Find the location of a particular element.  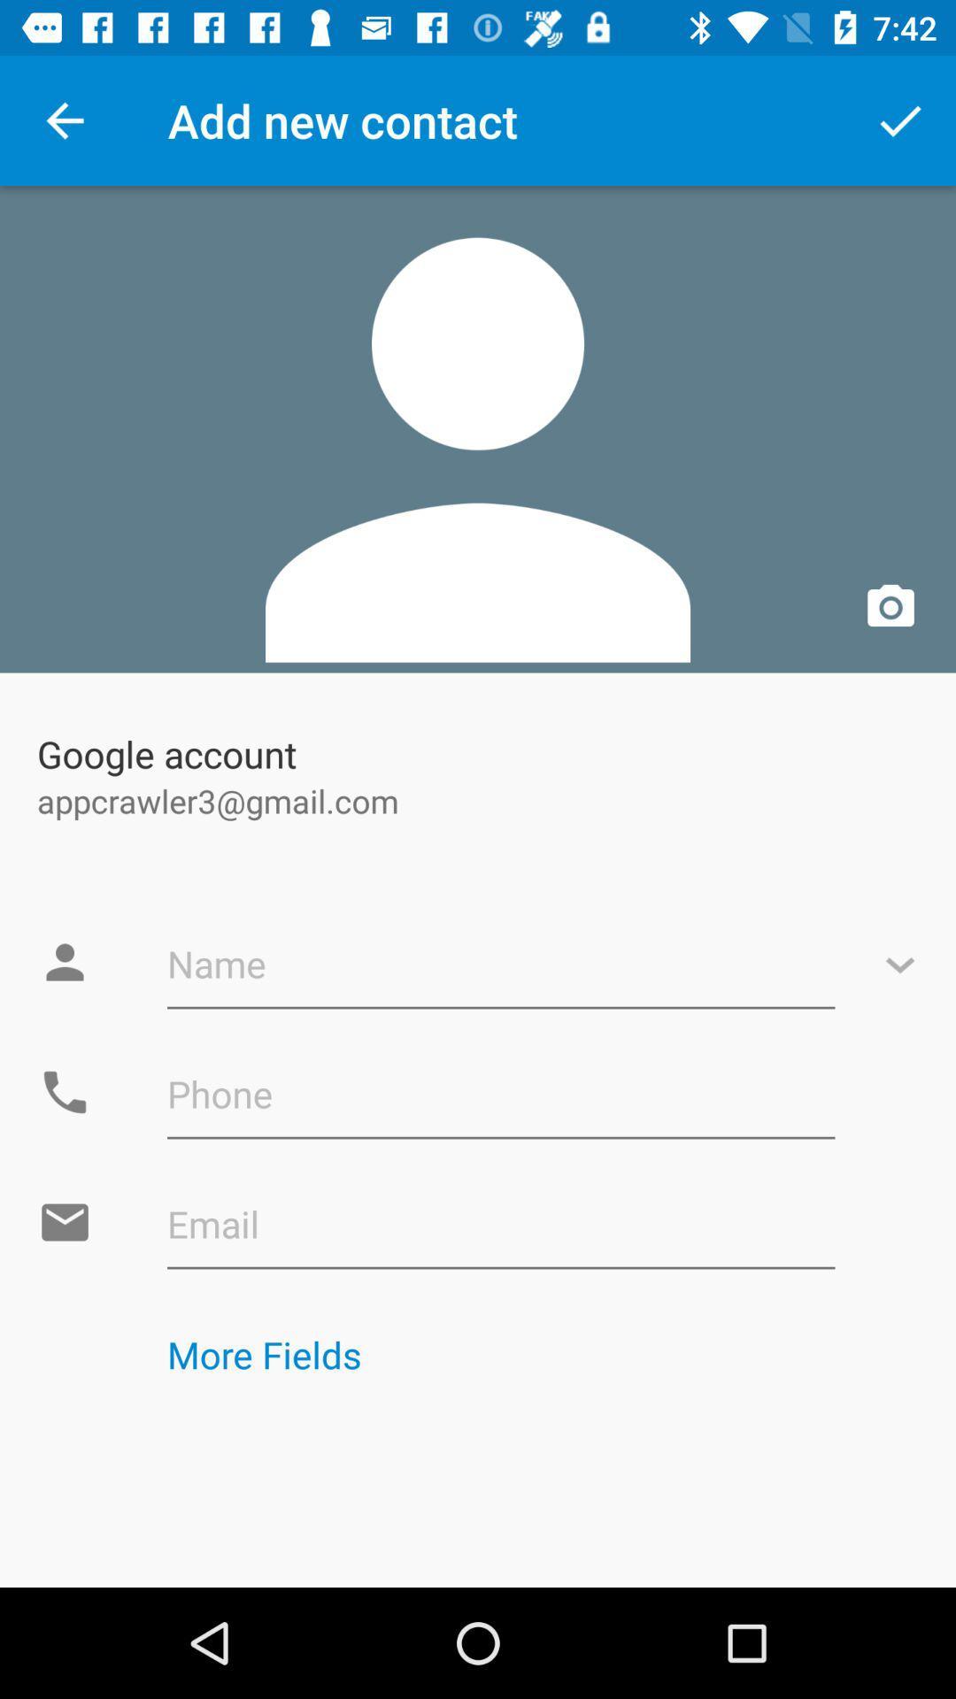

item at the top right corner is located at coordinates (900, 119).